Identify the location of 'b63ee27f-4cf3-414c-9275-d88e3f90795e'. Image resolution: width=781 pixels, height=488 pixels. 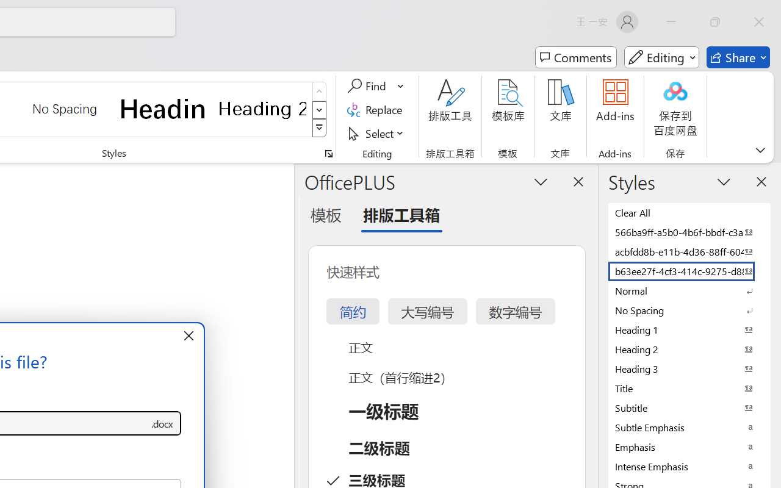
(689, 270).